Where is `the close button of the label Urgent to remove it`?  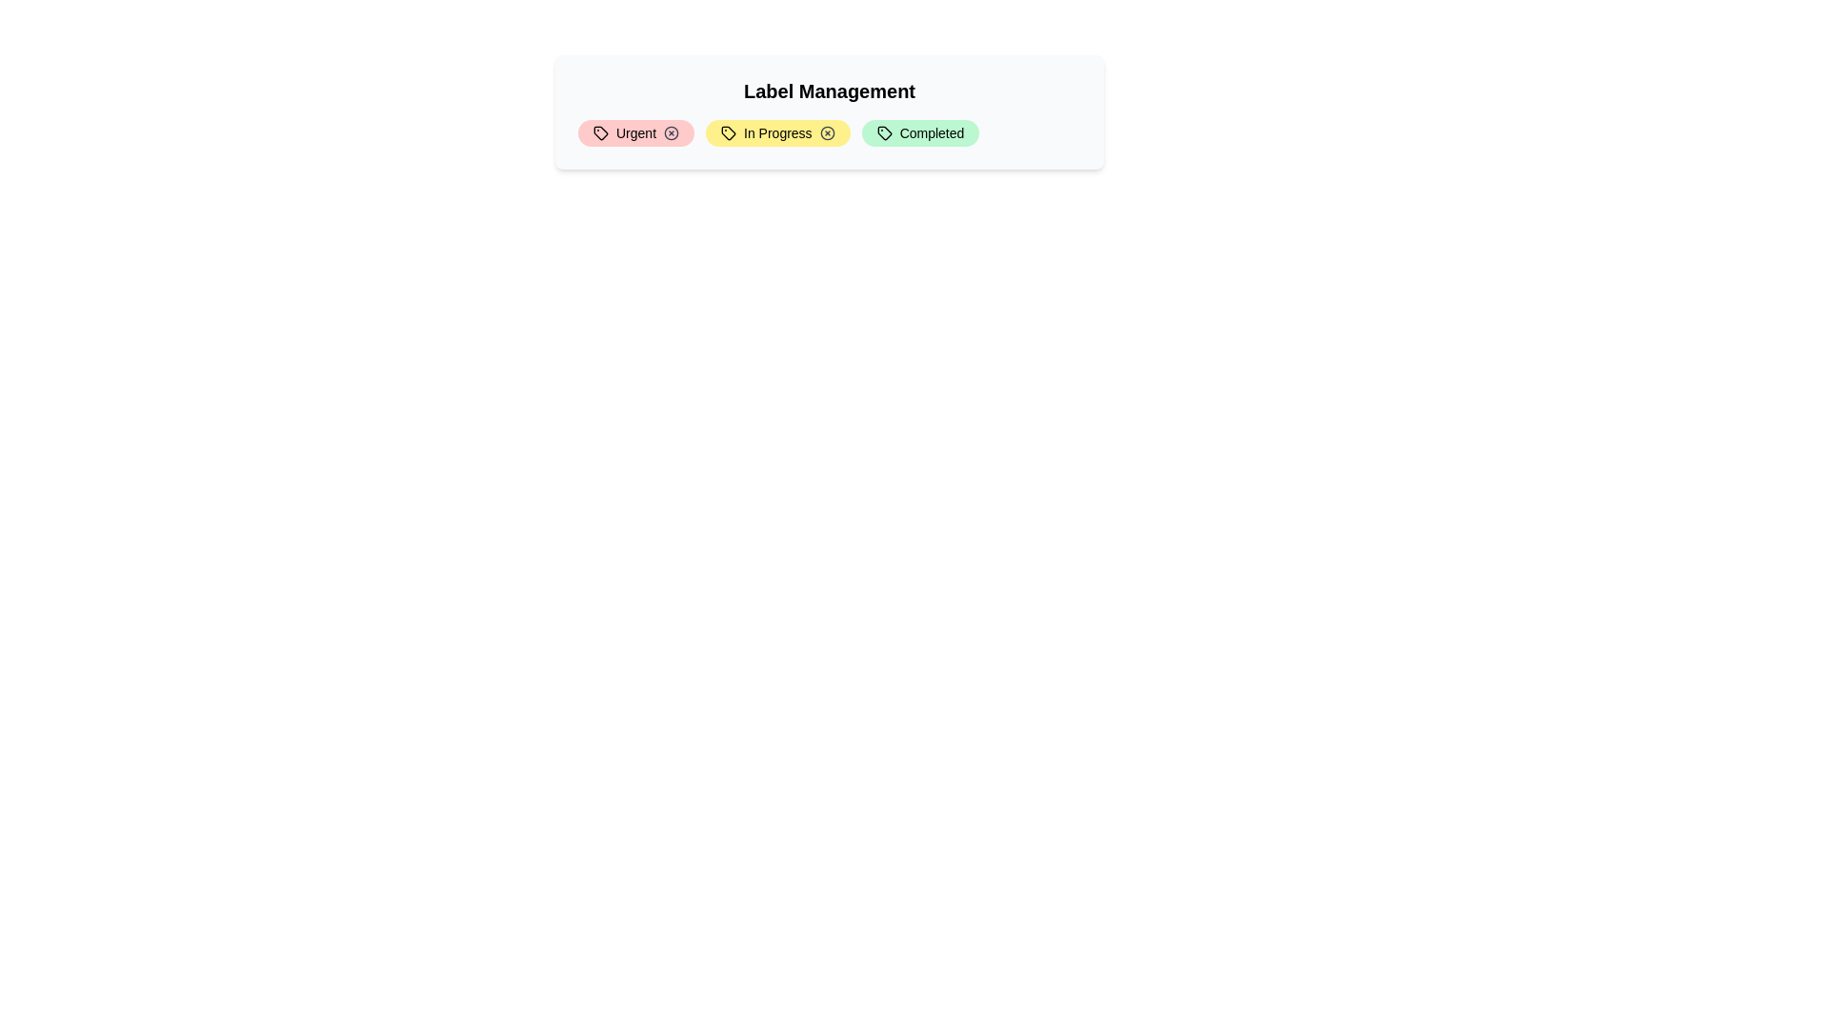 the close button of the label Urgent to remove it is located at coordinates (672, 131).